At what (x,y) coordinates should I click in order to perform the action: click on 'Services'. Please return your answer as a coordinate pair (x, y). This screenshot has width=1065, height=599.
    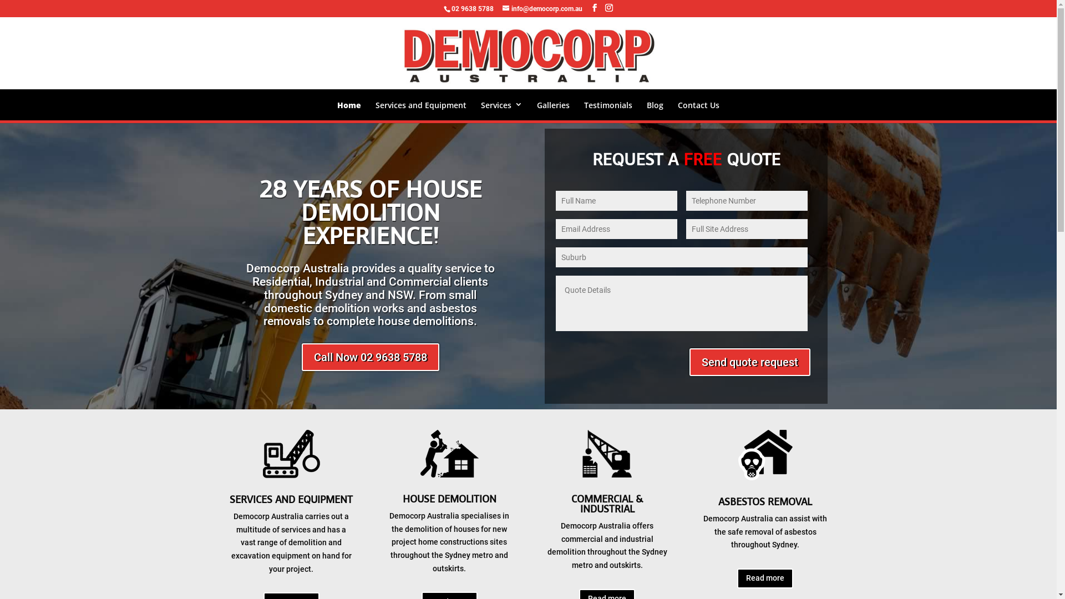
    Looking at the image, I should click on (501, 105).